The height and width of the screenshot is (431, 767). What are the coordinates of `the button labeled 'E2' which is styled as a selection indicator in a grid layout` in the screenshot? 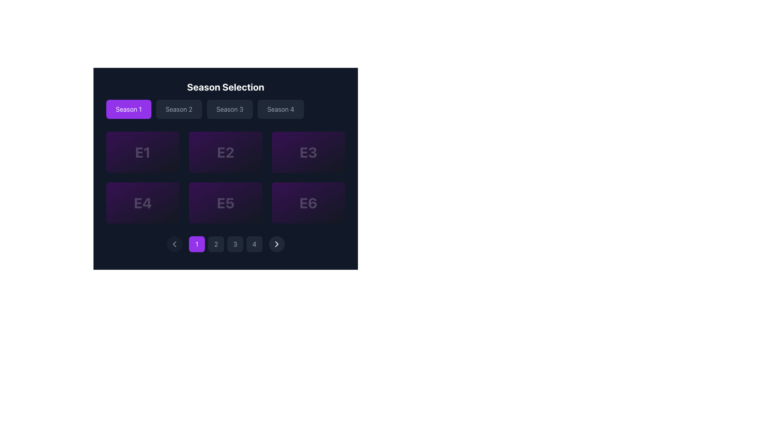 It's located at (225, 152).